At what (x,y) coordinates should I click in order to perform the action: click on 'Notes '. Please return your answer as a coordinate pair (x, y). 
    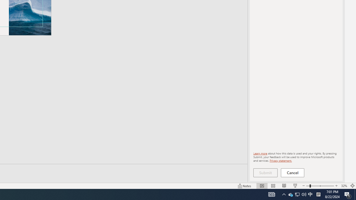
    Looking at the image, I should click on (244, 186).